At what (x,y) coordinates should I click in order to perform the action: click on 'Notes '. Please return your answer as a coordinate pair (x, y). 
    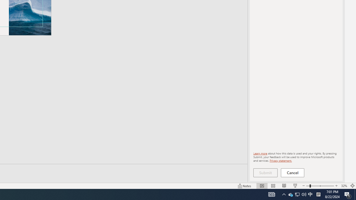
    Looking at the image, I should click on (244, 186).